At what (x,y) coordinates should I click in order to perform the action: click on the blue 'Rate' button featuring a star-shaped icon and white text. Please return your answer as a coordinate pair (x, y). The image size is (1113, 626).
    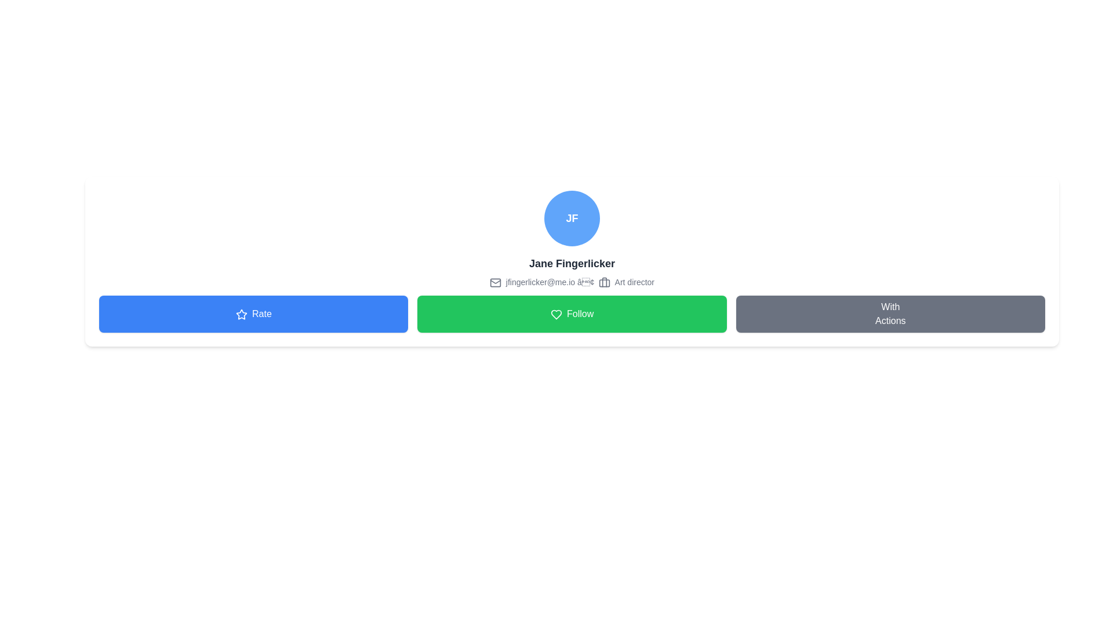
    Looking at the image, I should click on (253, 314).